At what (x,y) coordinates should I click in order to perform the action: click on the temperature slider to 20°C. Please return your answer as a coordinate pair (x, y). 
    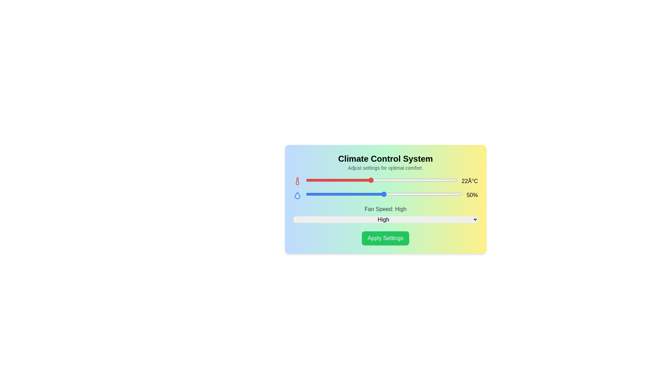
    Looking at the image, I should click on (349, 180).